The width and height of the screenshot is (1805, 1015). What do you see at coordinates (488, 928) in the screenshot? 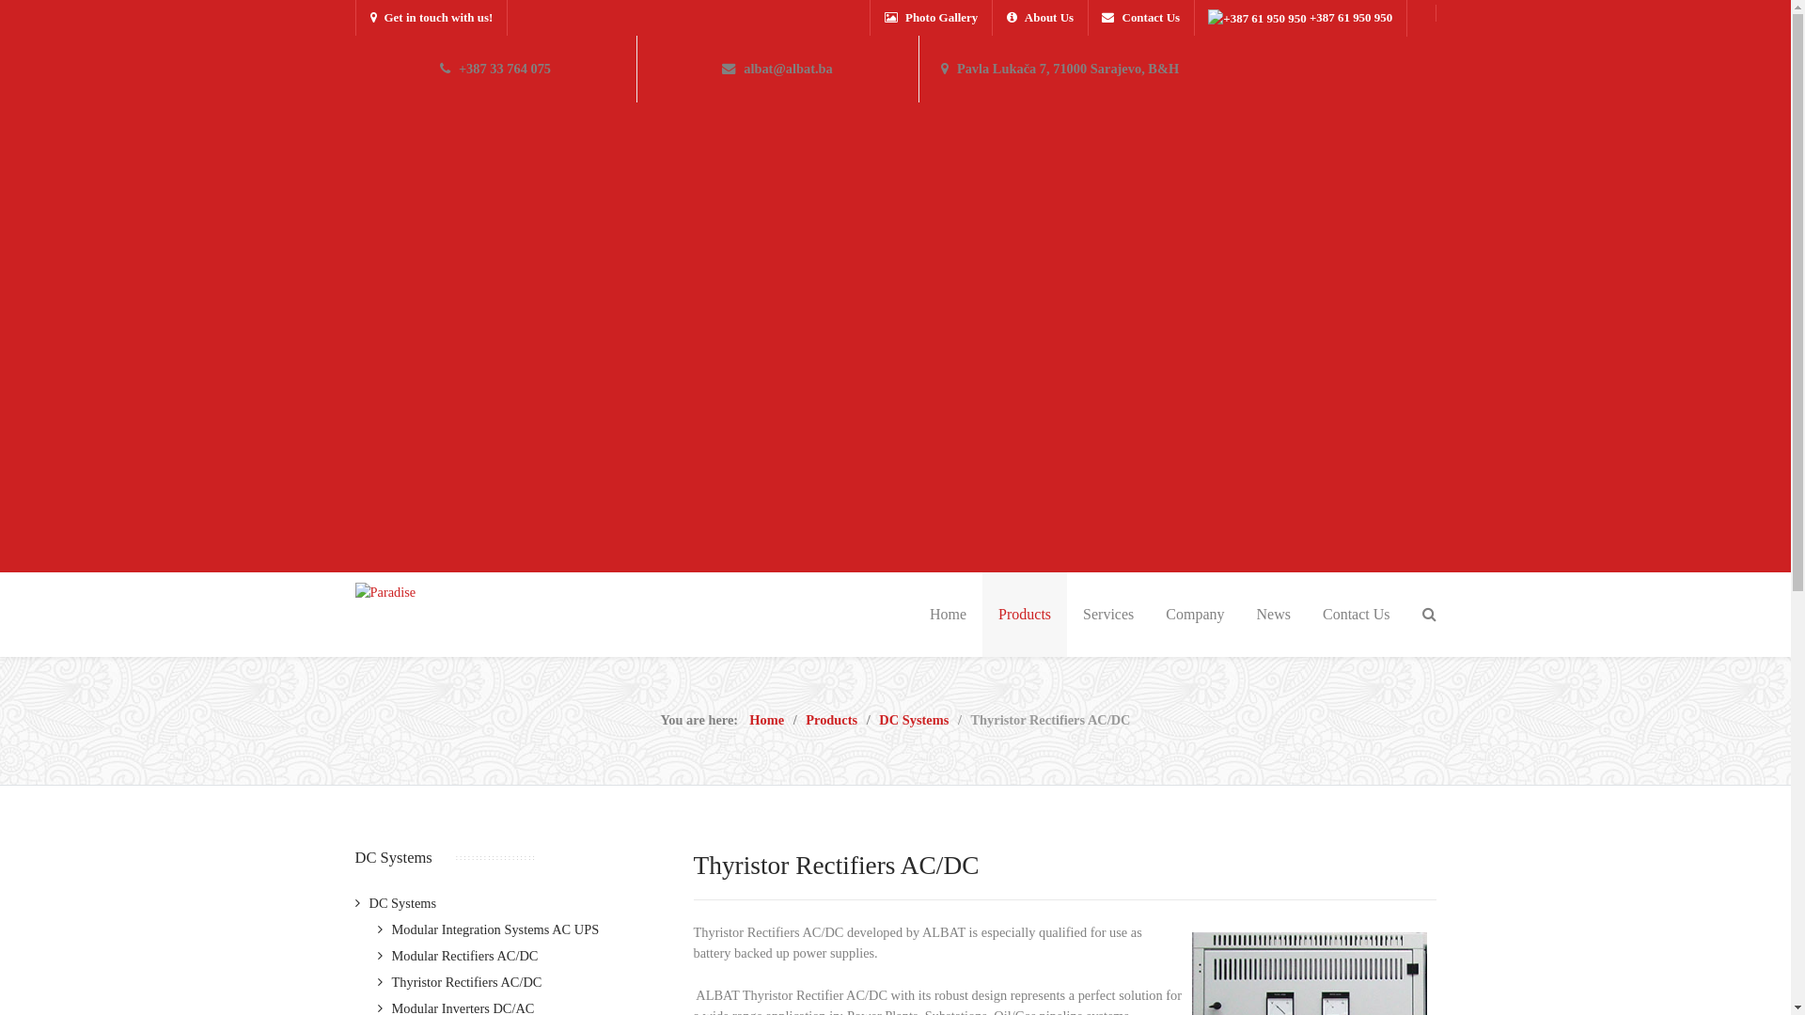
I see `'Modular Integration Systems AC UPS'` at bounding box center [488, 928].